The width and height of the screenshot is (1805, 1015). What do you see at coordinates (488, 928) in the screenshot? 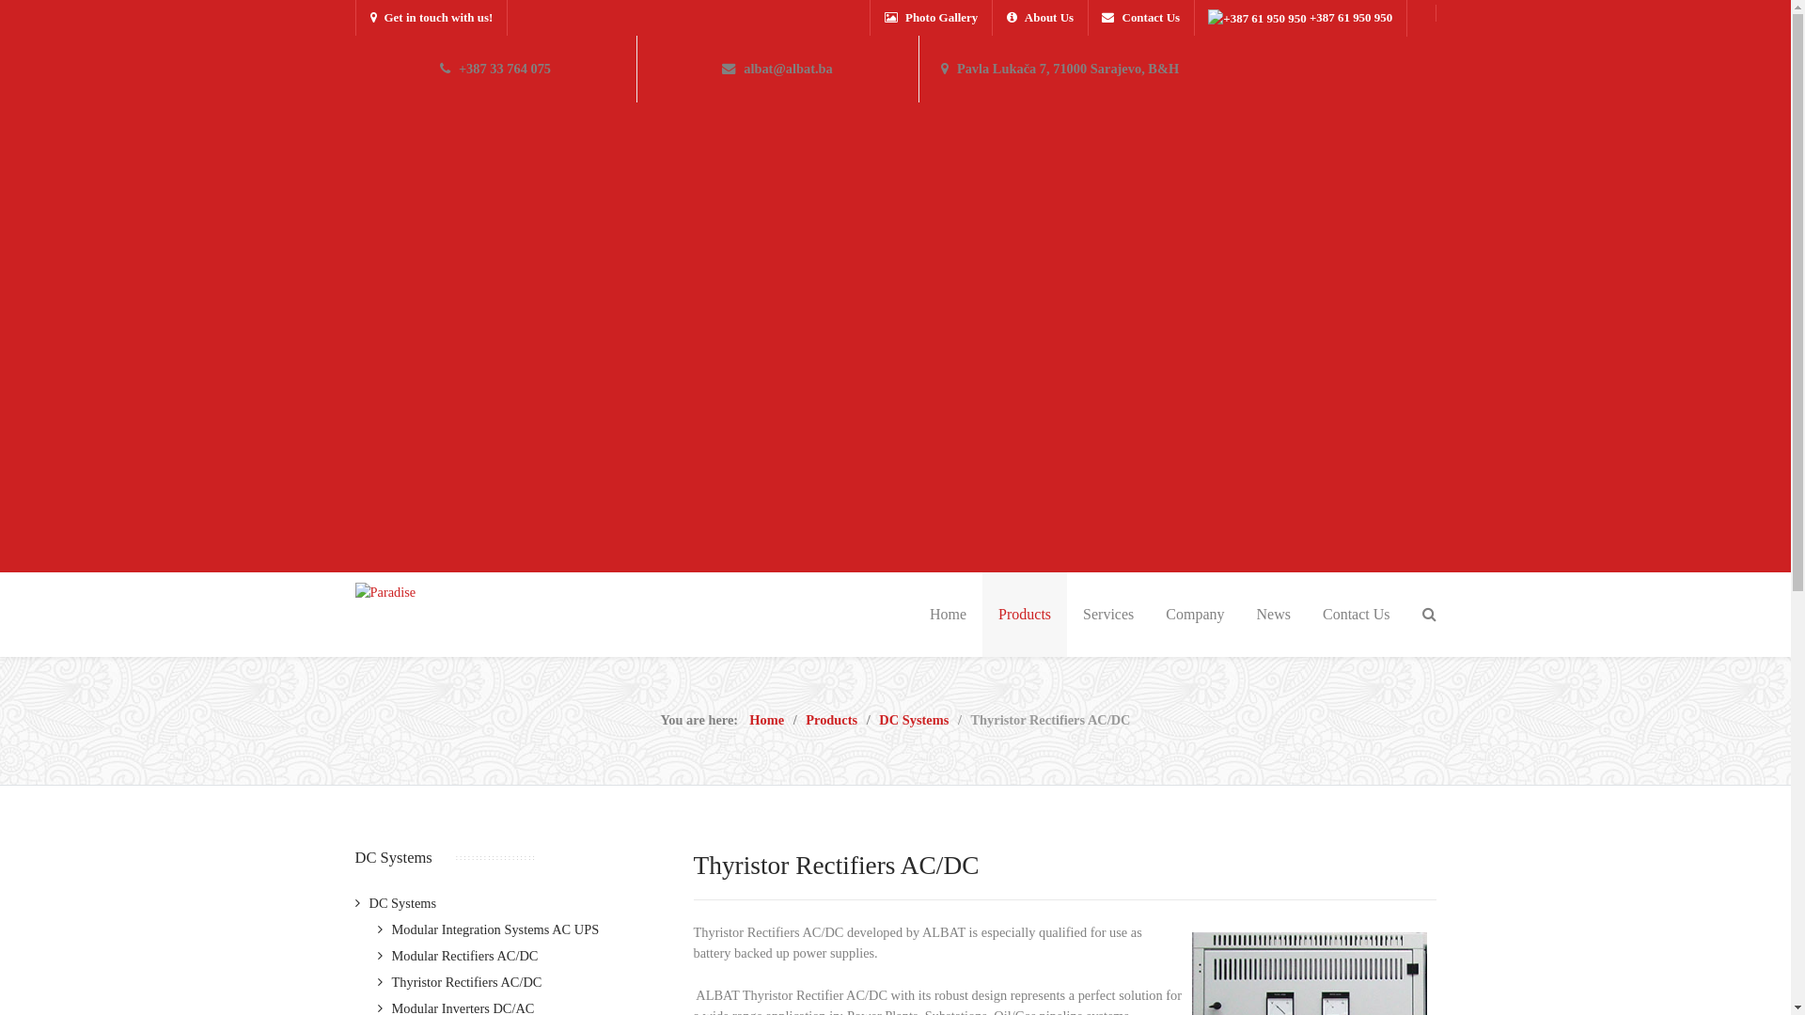
I see `'Modular Integration Systems AC UPS'` at bounding box center [488, 928].